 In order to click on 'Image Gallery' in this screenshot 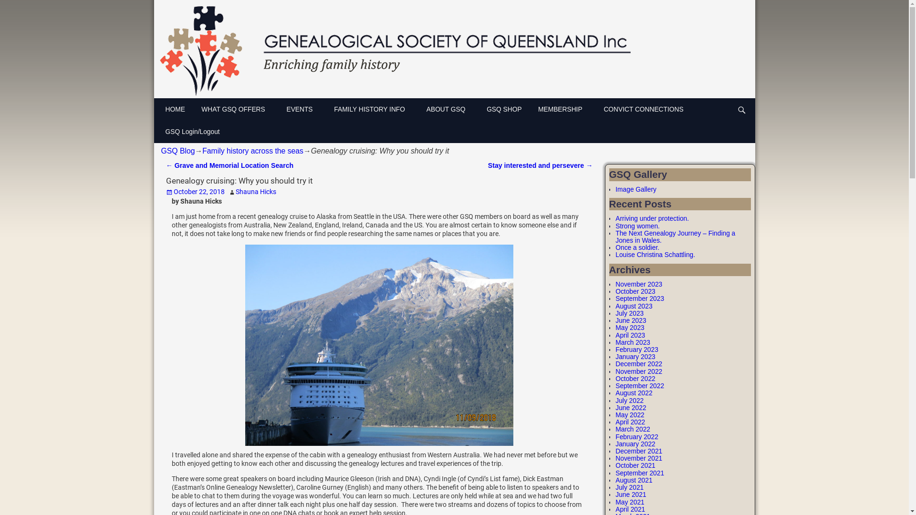, I will do `click(615, 189)`.